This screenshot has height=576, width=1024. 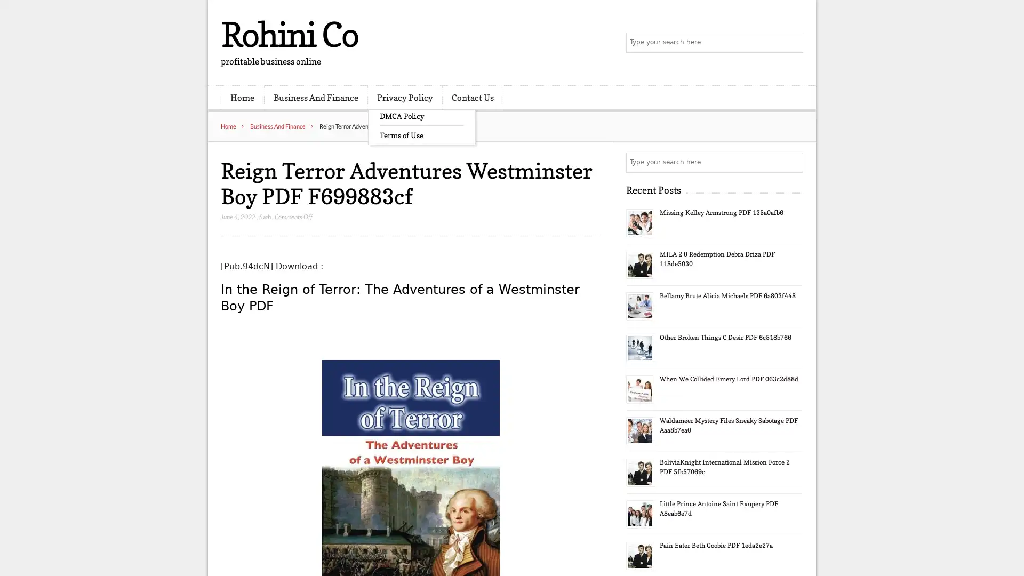 I want to click on Search, so click(x=792, y=43).